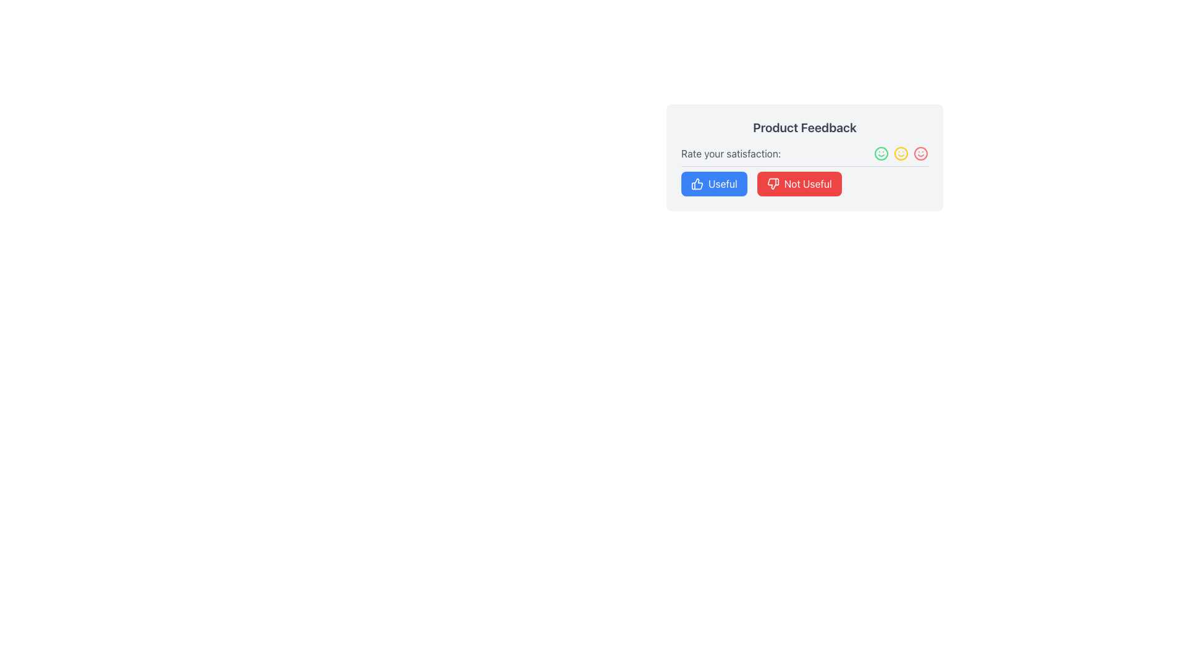 This screenshot has height=667, width=1186. Describe the element at coordinates (880, 153) in the screenshot. I see `the second feedback emoticon in the SVG graphic` at that location.